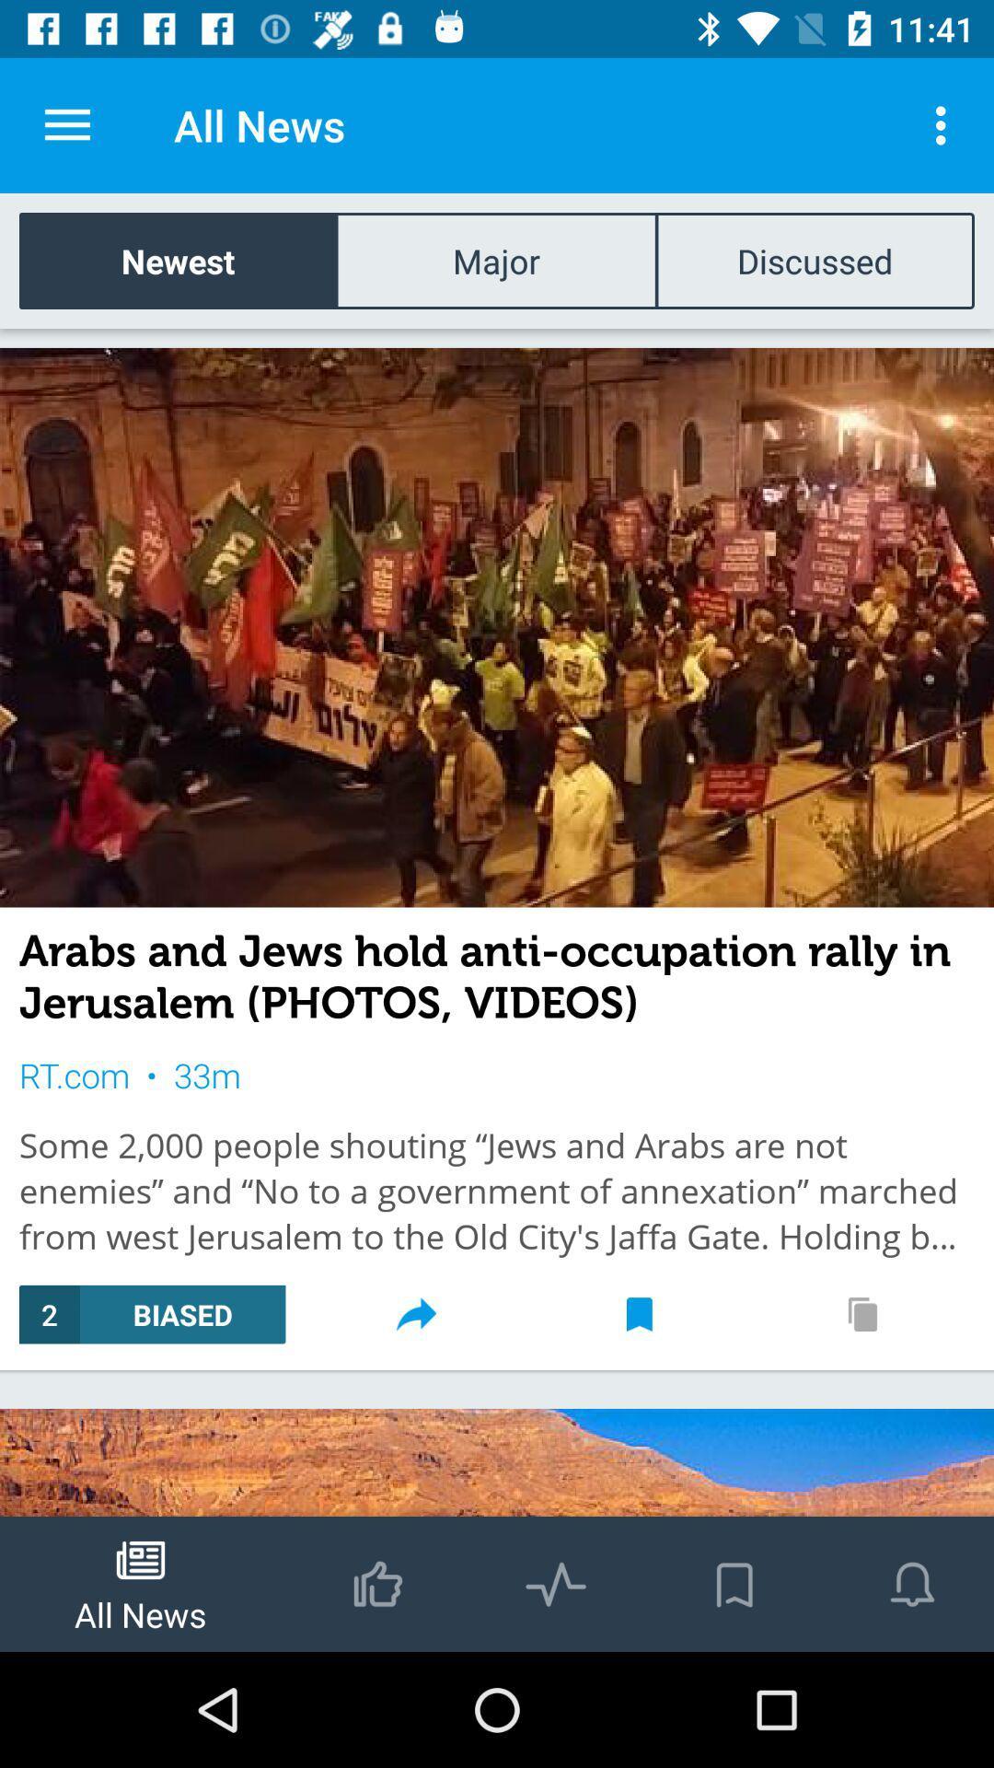 This screenshot has height=1768, width=994. What do you see at coordinates (178, 260) in the screenshot?
I see `newest icon` at bounding box center [178, 260].